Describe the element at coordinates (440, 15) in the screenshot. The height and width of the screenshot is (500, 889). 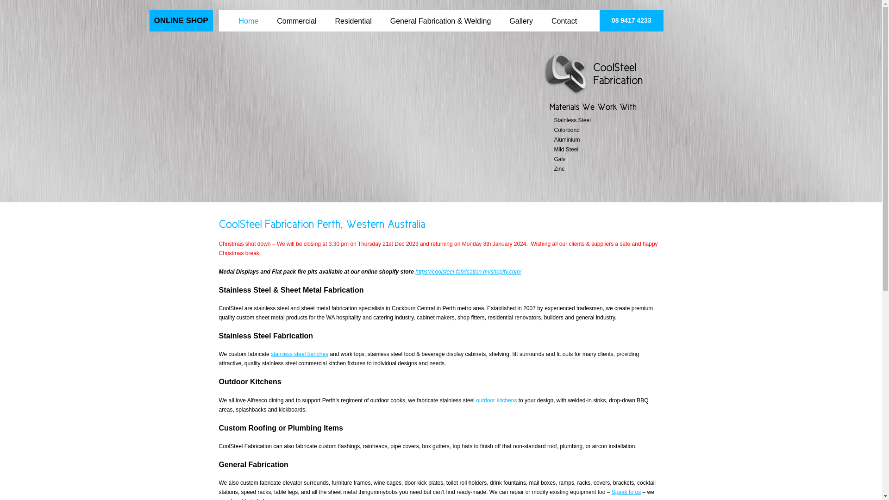
I see `'General Fabrication & Welding'` at that location.